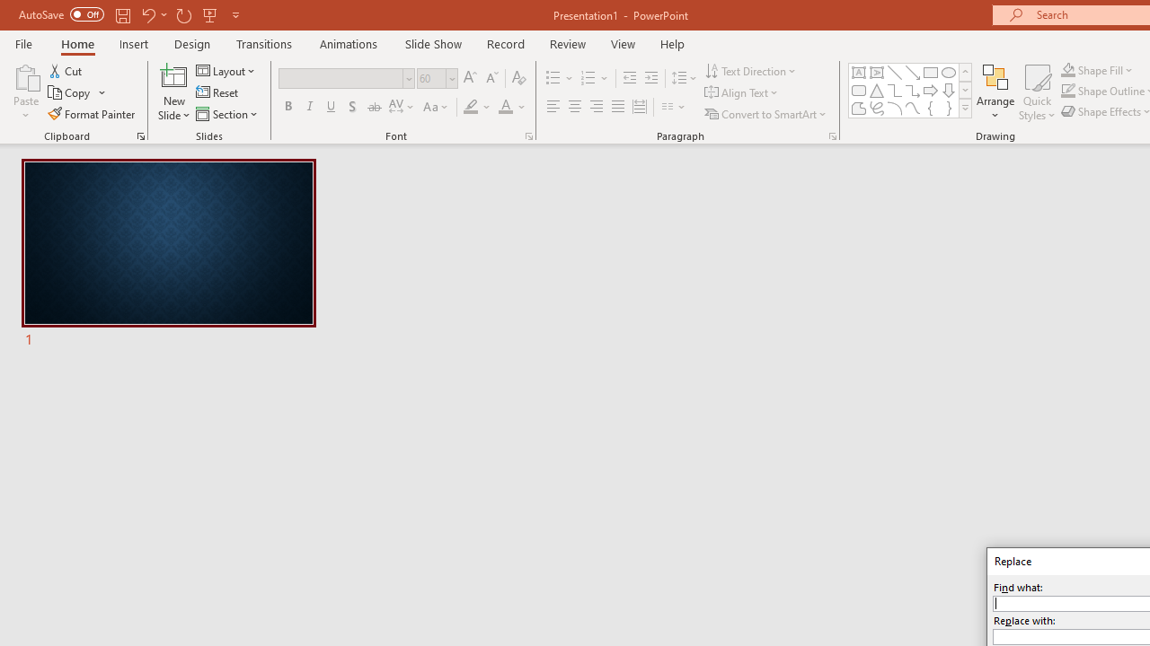 This screenshot has height=646, width=1150. What do you see at coordinates (527, 135) in the screenshot?
I see `'Font...'` at bounding box center [527, 135].